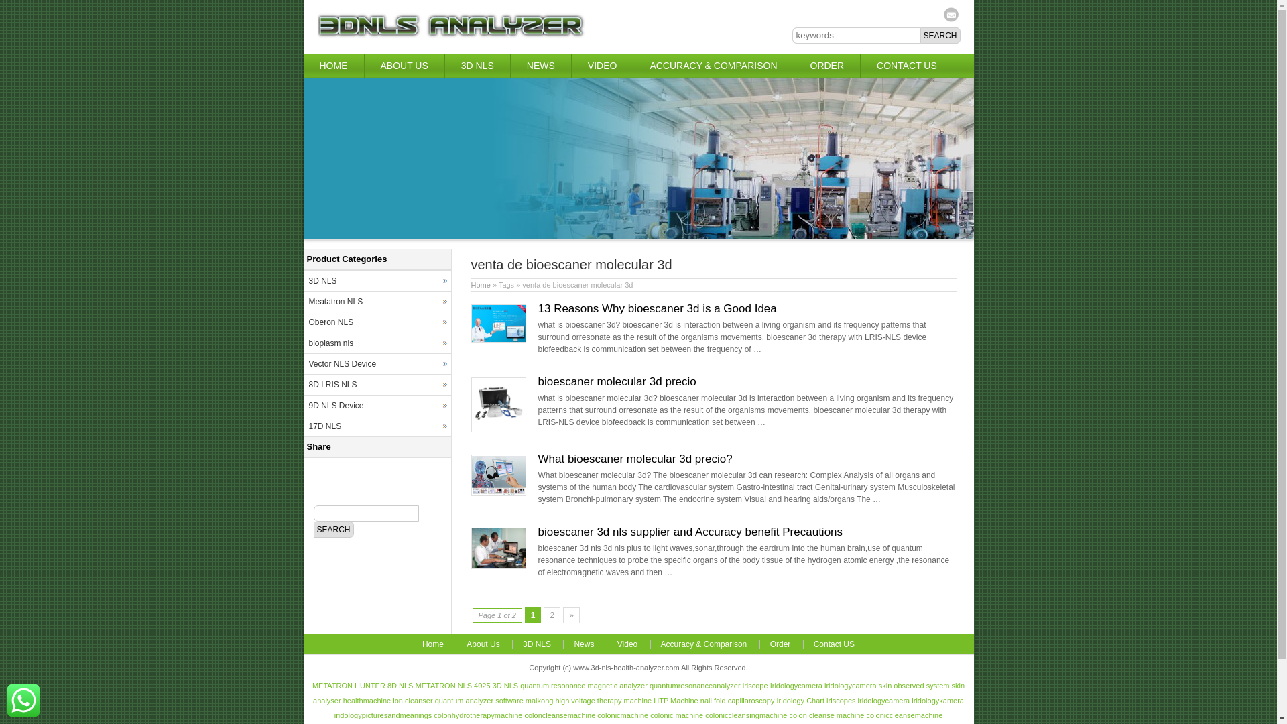 The image size is (1287, 724). I want to click on 'Iridology Chart', so click(800, 700).